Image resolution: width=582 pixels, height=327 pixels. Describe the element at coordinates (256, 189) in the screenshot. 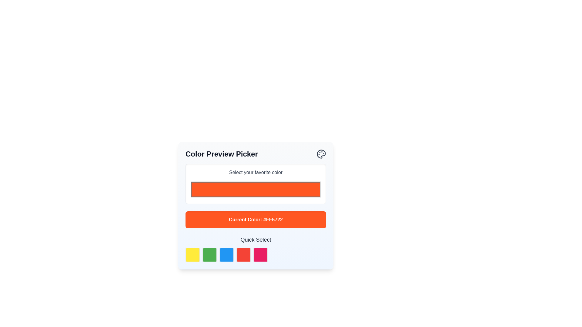

I see `the orange color picker input field located below the label 'Select your favorite color'` at that location.